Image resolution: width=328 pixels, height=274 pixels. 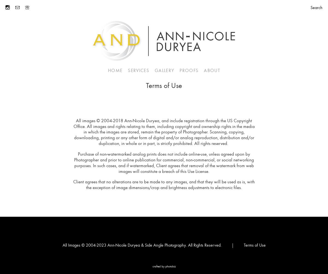 I want to click on 'Search', so click(x=316, y=8).